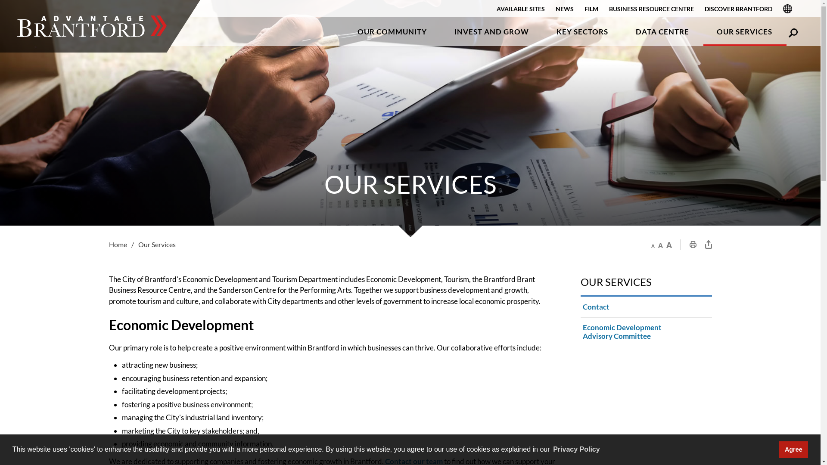 The width and height of the screenshot is (827, 465). What do you see at coordinates (708, 244) in the screenshot?
I see `'Share this page'` at bounding box center [708, 244].